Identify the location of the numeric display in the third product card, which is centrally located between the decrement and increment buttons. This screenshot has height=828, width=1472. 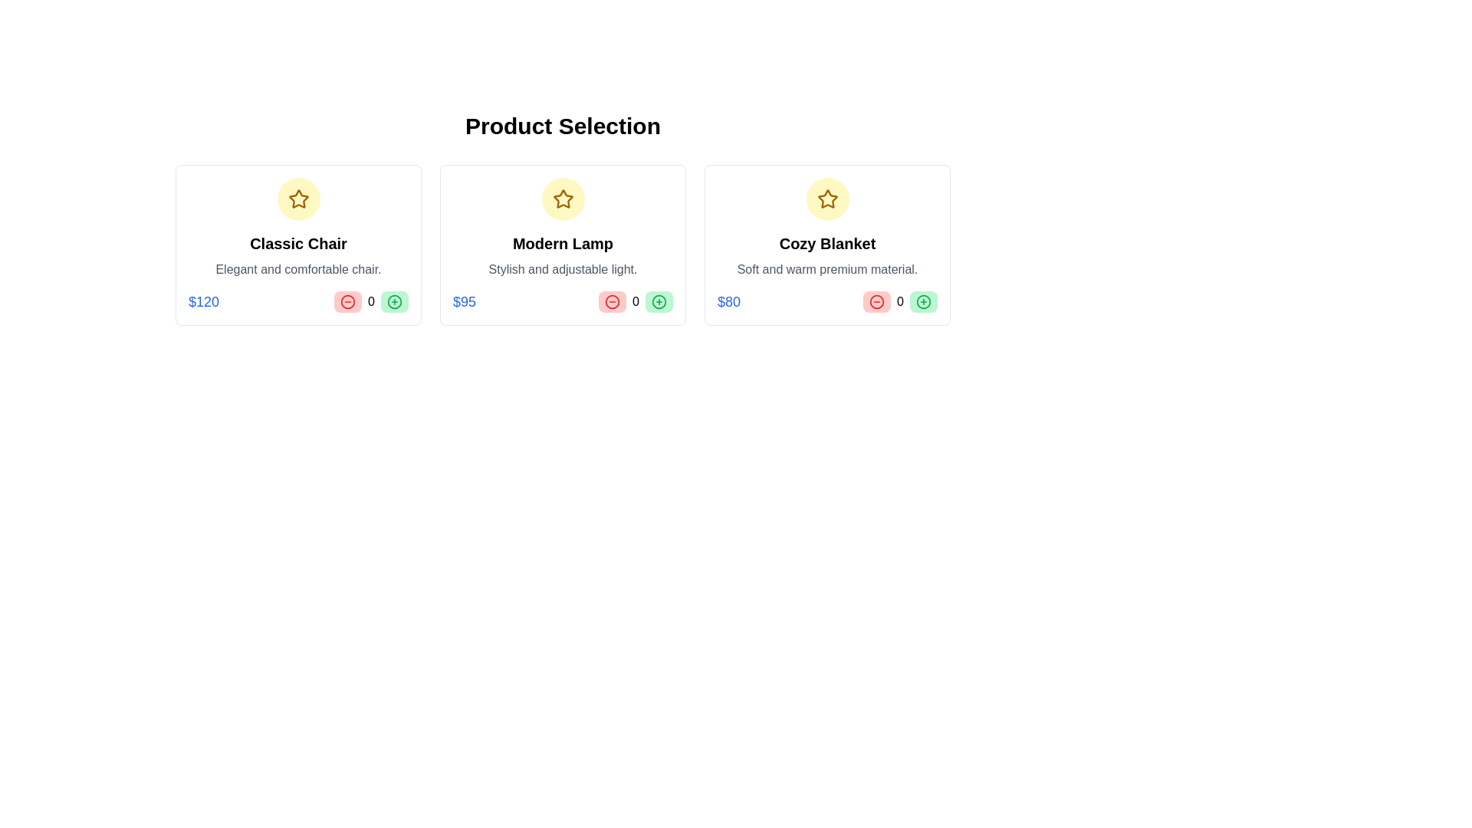
(900, 301).